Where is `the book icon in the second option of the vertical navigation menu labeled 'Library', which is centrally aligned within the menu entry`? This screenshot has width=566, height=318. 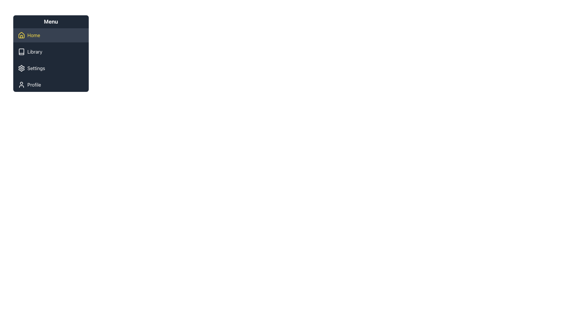 the book icon in the second option of the vertical navigation menu labeled 'Library', which is centrally aligned within the menu entry is located at coordinates (21, 52).